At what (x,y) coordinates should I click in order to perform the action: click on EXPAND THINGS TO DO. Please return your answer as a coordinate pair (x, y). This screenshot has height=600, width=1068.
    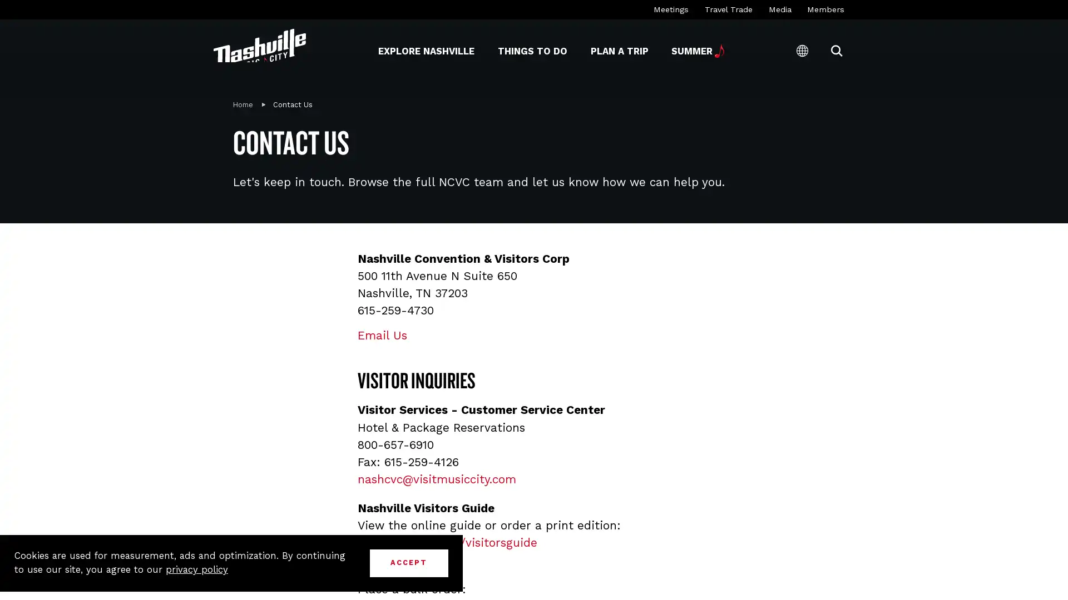
    Looking at the image, I should click on (497, 51).